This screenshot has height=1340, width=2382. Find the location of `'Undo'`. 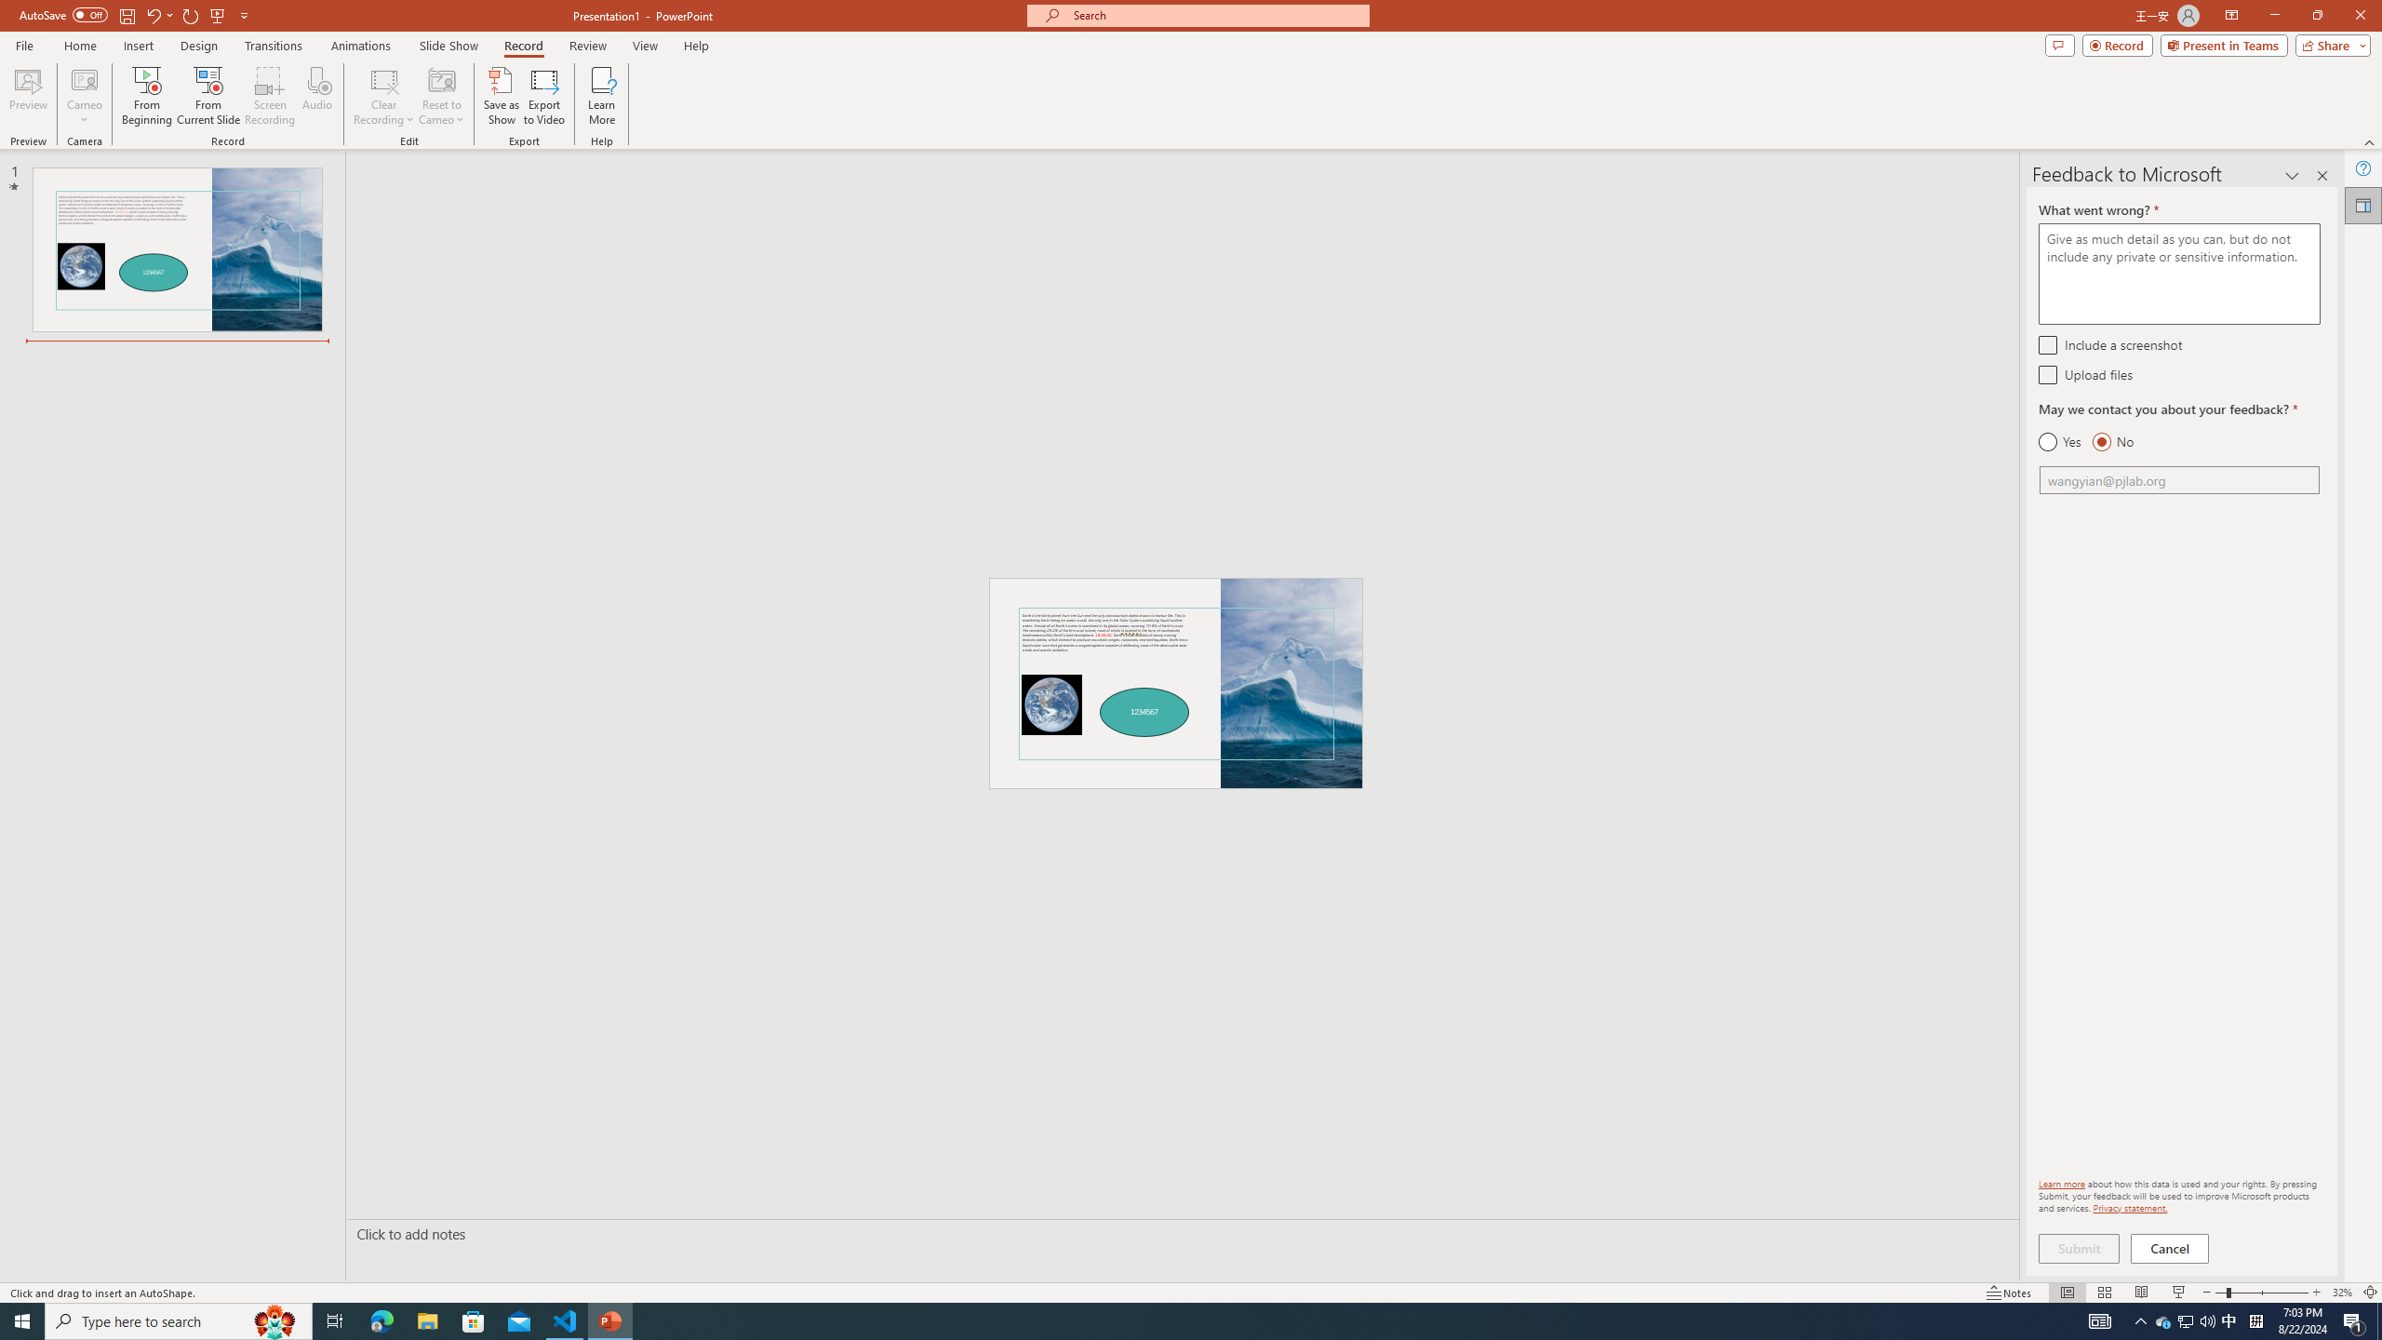

'Undo' is located at coordinates (152, 14).